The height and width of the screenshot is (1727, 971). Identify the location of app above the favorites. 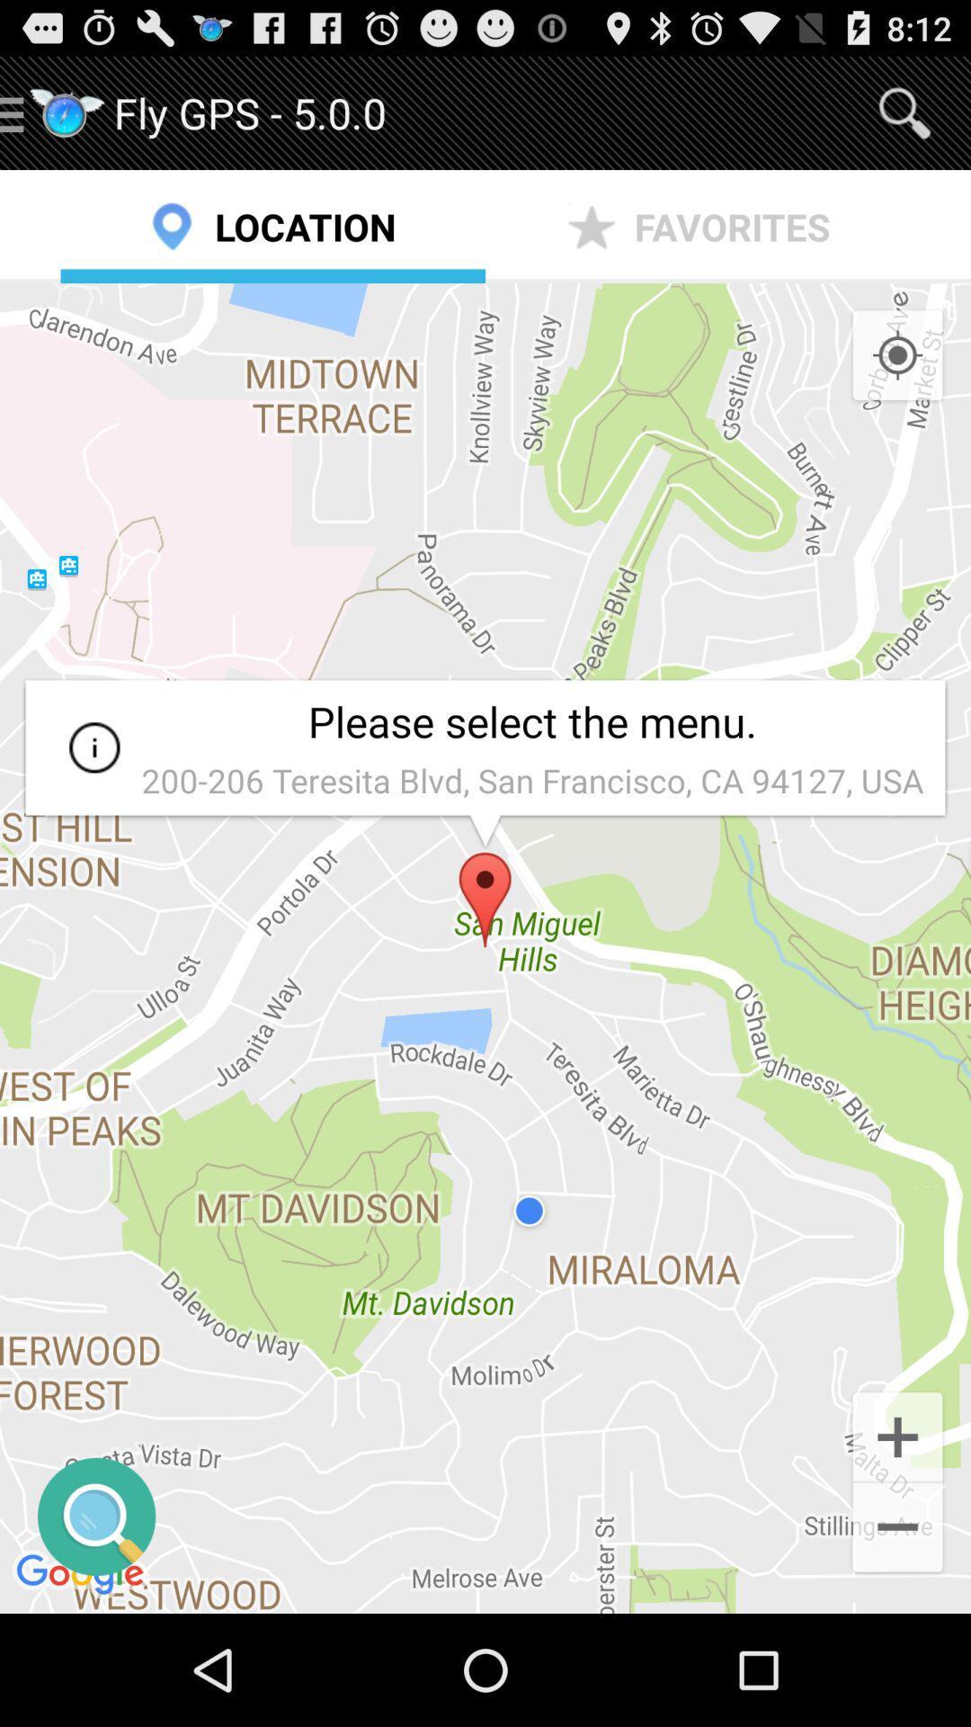
(904, 112).